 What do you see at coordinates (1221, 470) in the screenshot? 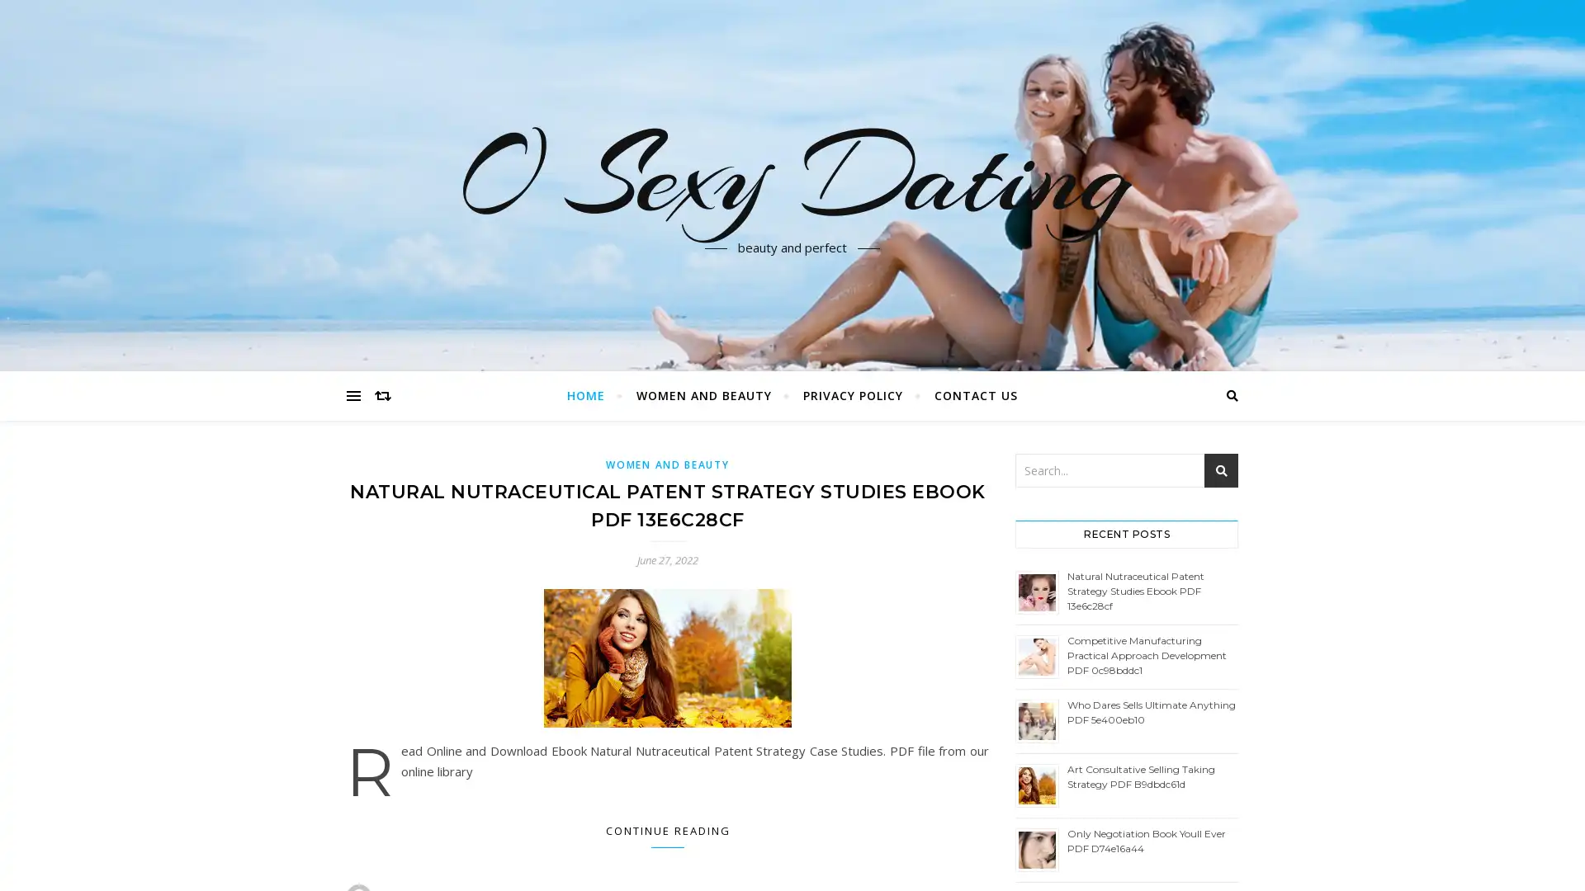
I see `st` at bounding box center [1221, 470].